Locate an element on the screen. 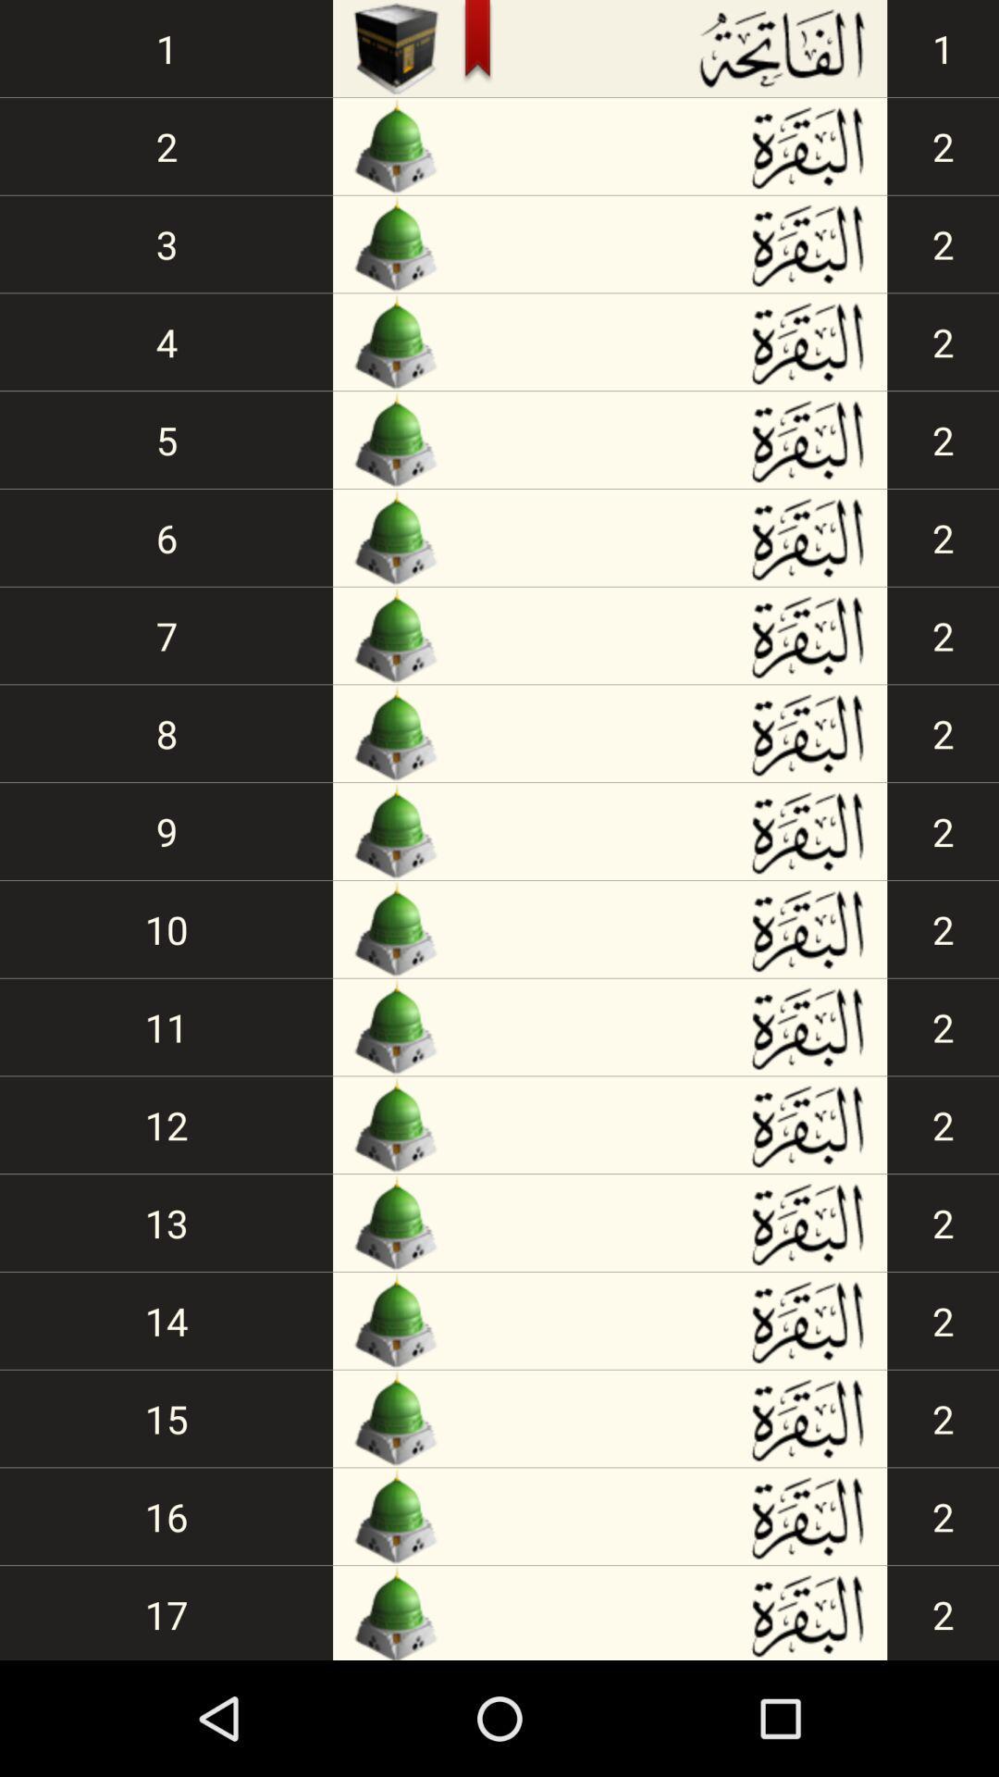  the 16 icon is located at coordinates (166, 1516).